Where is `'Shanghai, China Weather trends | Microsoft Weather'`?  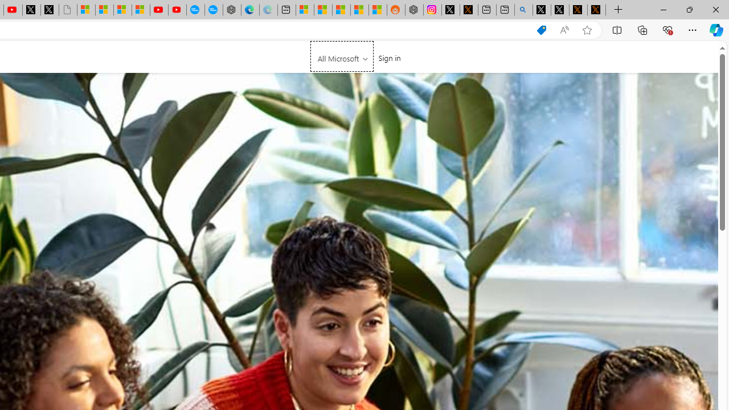 'Shanghai, China Weather trends | Microsoft Weather' is located at coordinates (378, 10).